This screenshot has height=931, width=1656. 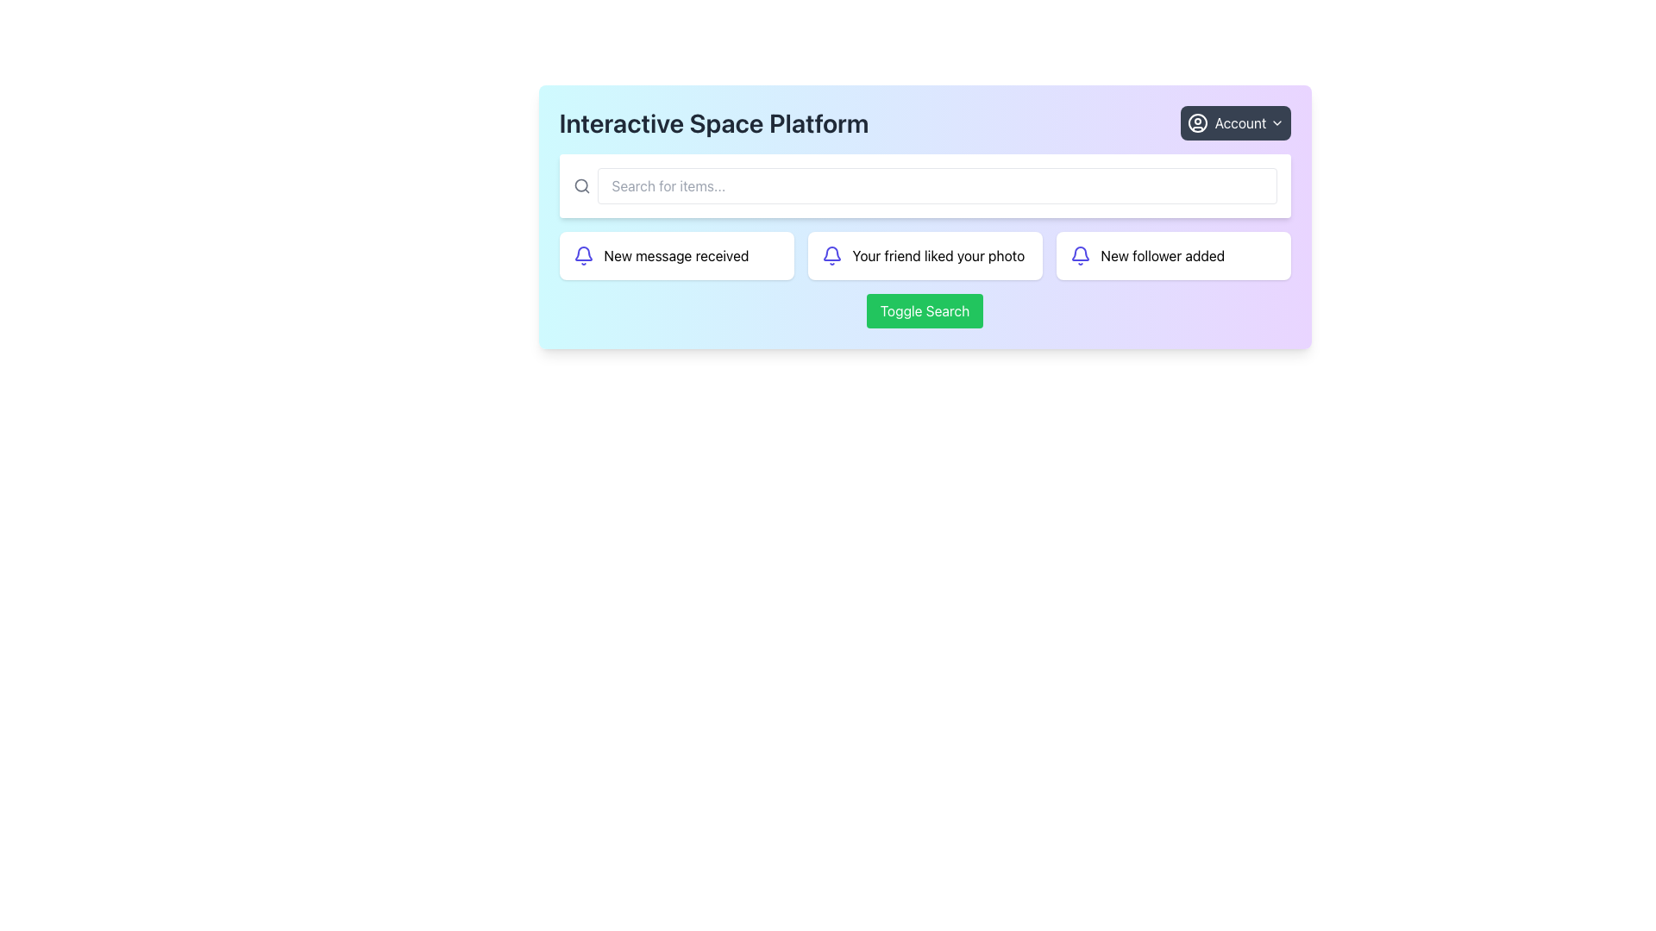 What do you see at coordinates (1173, 256) in the screenshot?
I see `message content of the Notification block displaying 'New follower added', which is the third item in a horizontal row of notifications` at bounding box center [1173, 256].